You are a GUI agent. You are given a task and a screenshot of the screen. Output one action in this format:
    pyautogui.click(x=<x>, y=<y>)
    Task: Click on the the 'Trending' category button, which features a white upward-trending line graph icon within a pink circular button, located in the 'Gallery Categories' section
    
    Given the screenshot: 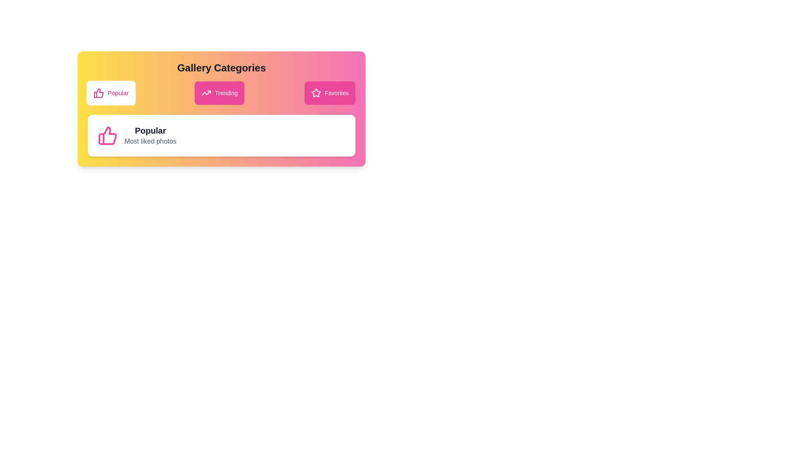 What is the action you would take?
    pyautogui.click(x=206, y=93)
    